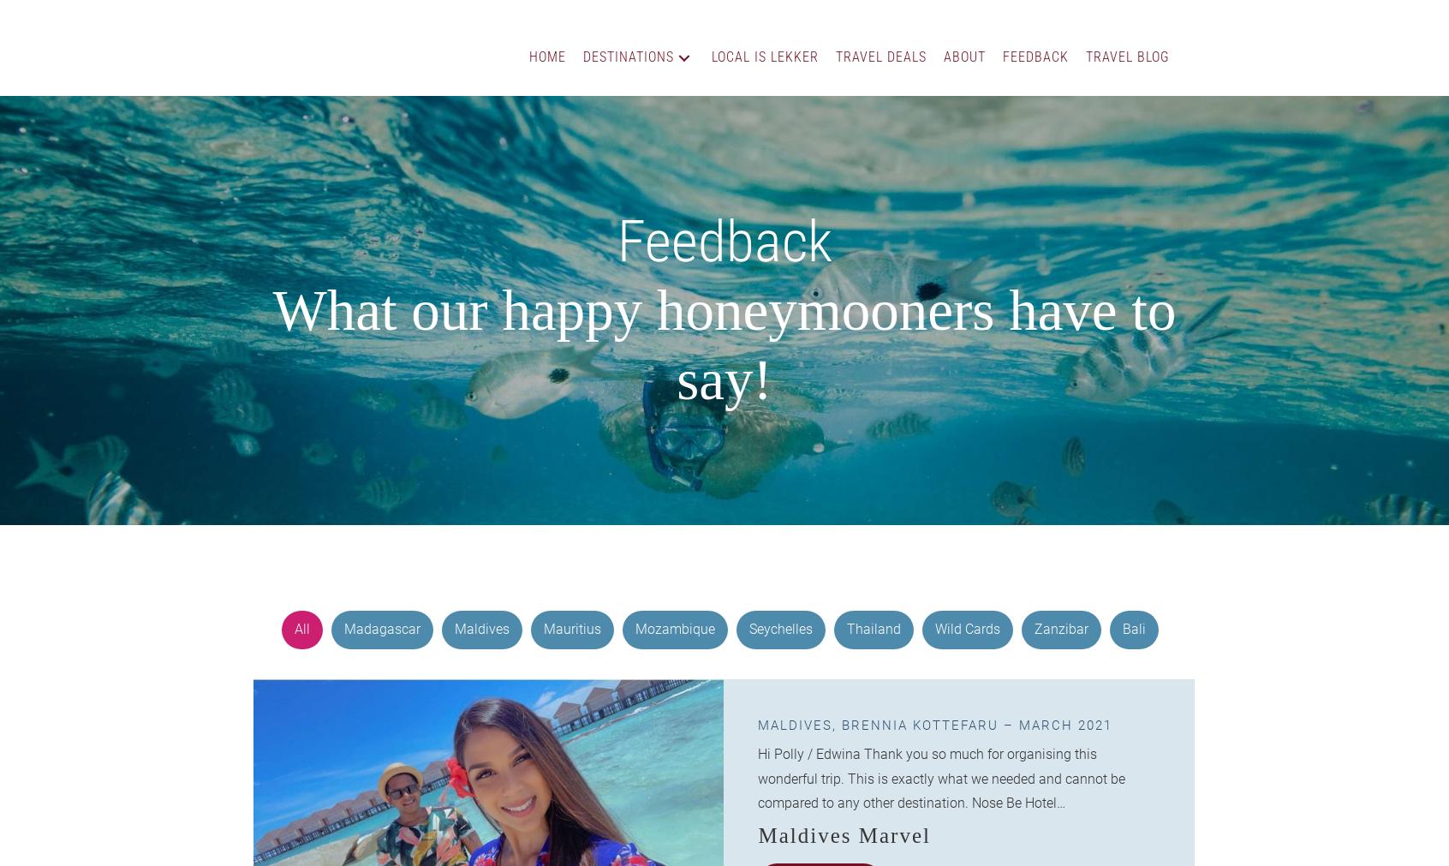  Describe the element at coordinates (880, 56) in the screenshot. I see `'Travel Deals'` at that location.